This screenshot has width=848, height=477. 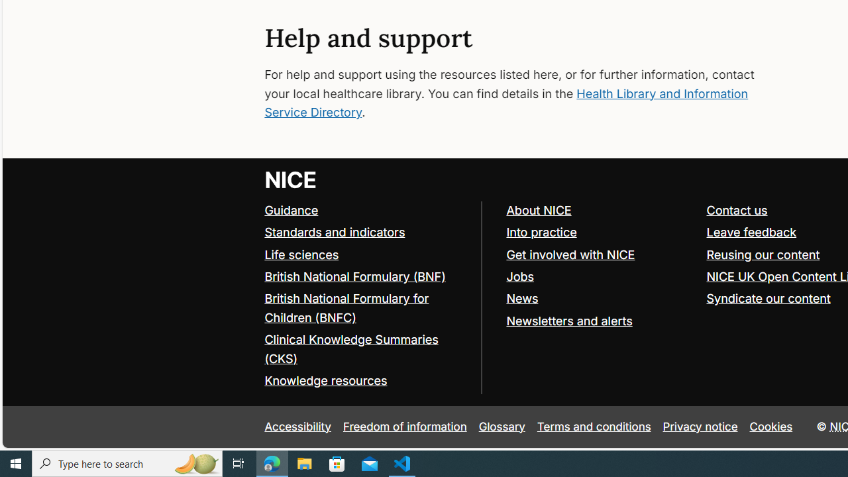 What do you see at coordinates (771, 427) in the screenshot?
I see `'Cookies'` at bounding box center [771, 427].